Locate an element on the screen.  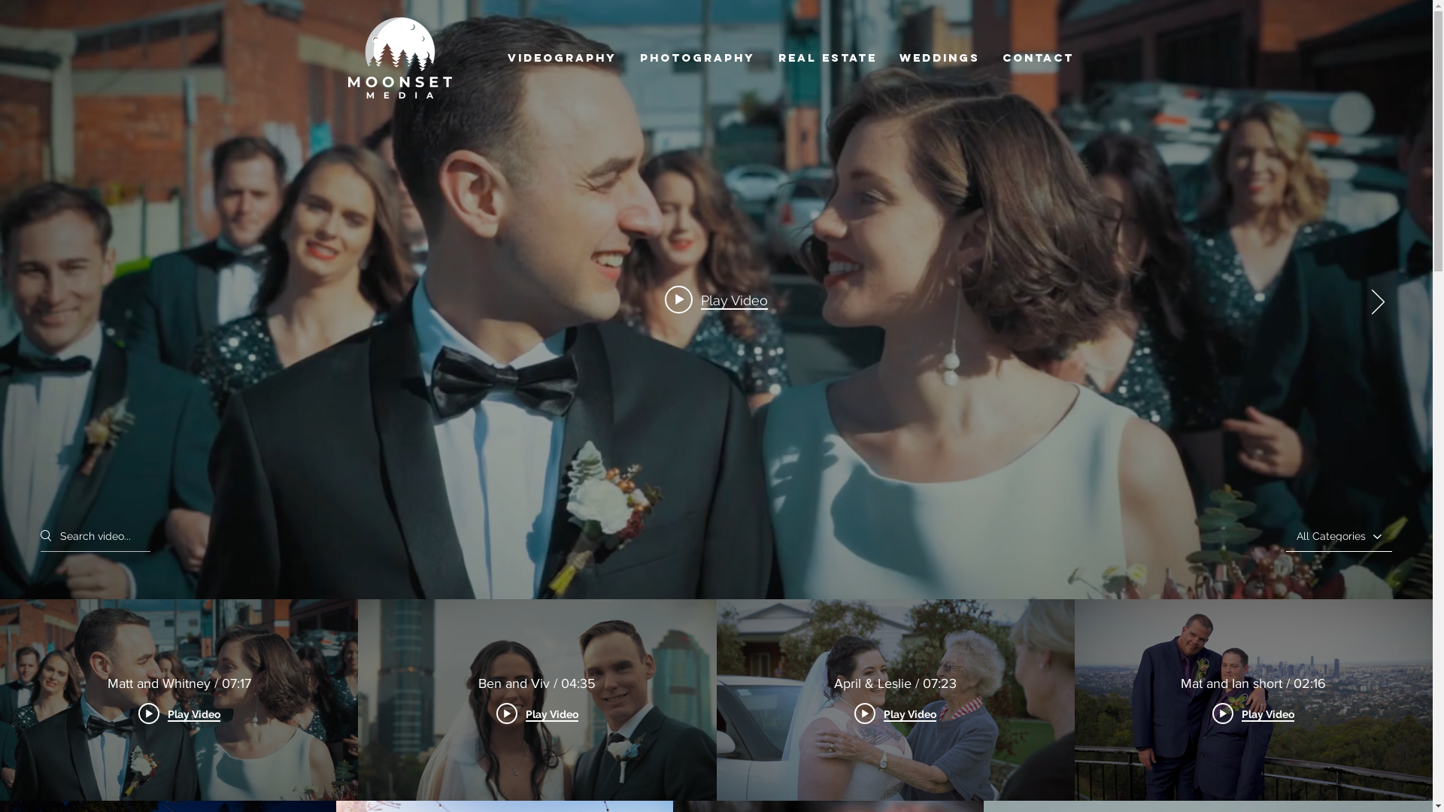
'CONTACT' is located at coordinates (991, 57).